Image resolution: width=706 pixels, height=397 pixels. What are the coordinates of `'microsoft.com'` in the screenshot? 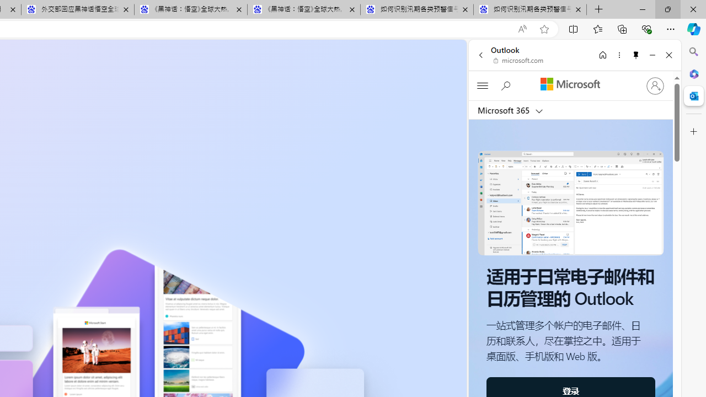 It's located at (518, 61).